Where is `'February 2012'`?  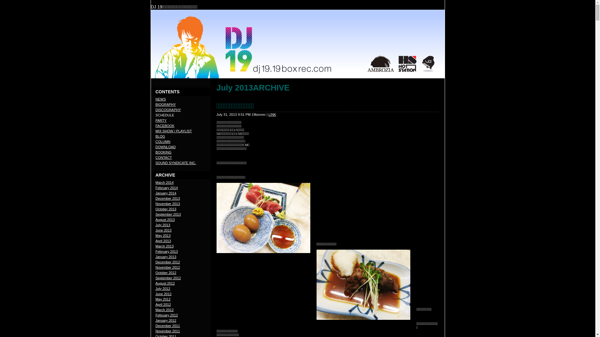 'February 2012' is located at coordinates (167, 315).